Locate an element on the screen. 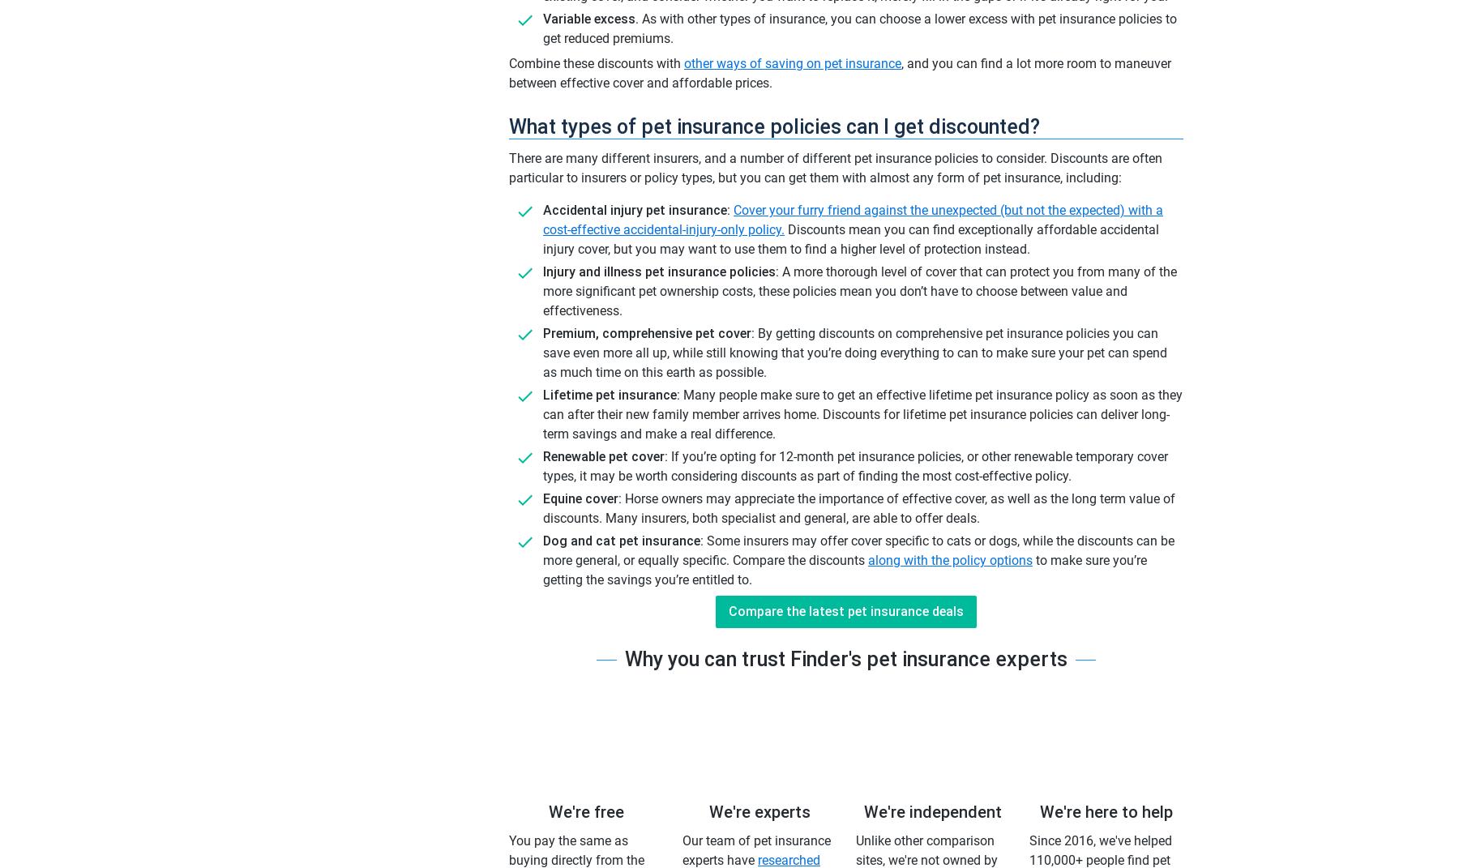 The width and height of the screenshot is (1459, 868). 'Discounts mean you can find exceptionally affordable accidental injury cover, but you may want to use them to find a higher level of protection instead.' is located at coordinates (850, 239).